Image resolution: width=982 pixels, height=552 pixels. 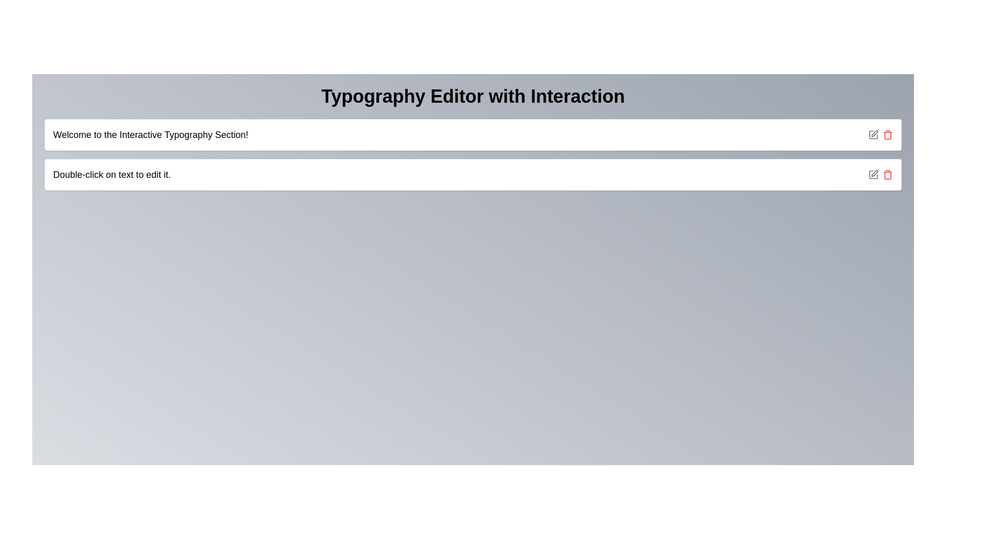 What do you see at coordinates (874, 173) in the screenshot?
I see `the pen-shaped icon used for editing functionalities` at bounding box center [874, 173].